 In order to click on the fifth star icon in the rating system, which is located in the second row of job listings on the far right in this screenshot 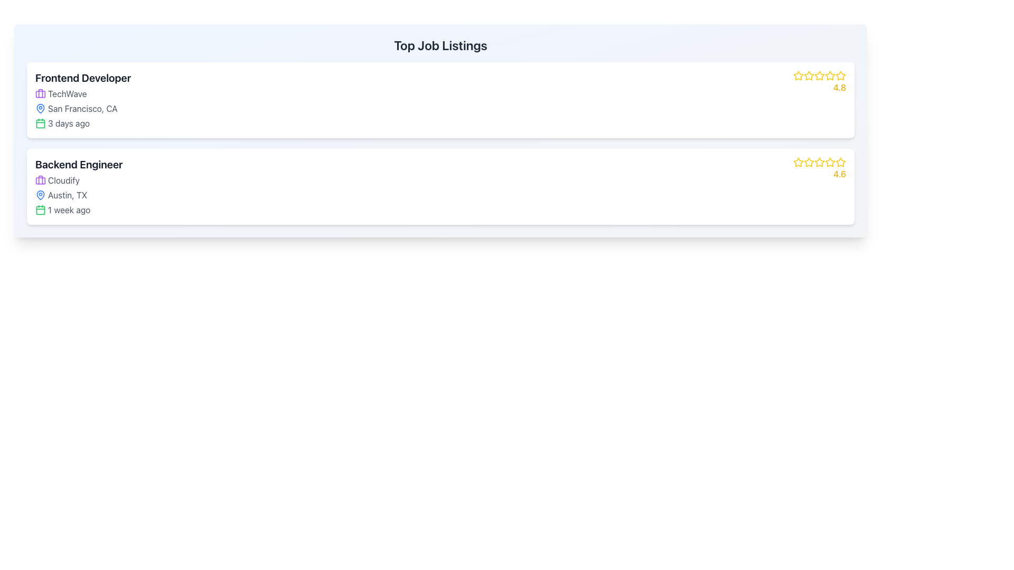, I will do `click(840, 163)`.